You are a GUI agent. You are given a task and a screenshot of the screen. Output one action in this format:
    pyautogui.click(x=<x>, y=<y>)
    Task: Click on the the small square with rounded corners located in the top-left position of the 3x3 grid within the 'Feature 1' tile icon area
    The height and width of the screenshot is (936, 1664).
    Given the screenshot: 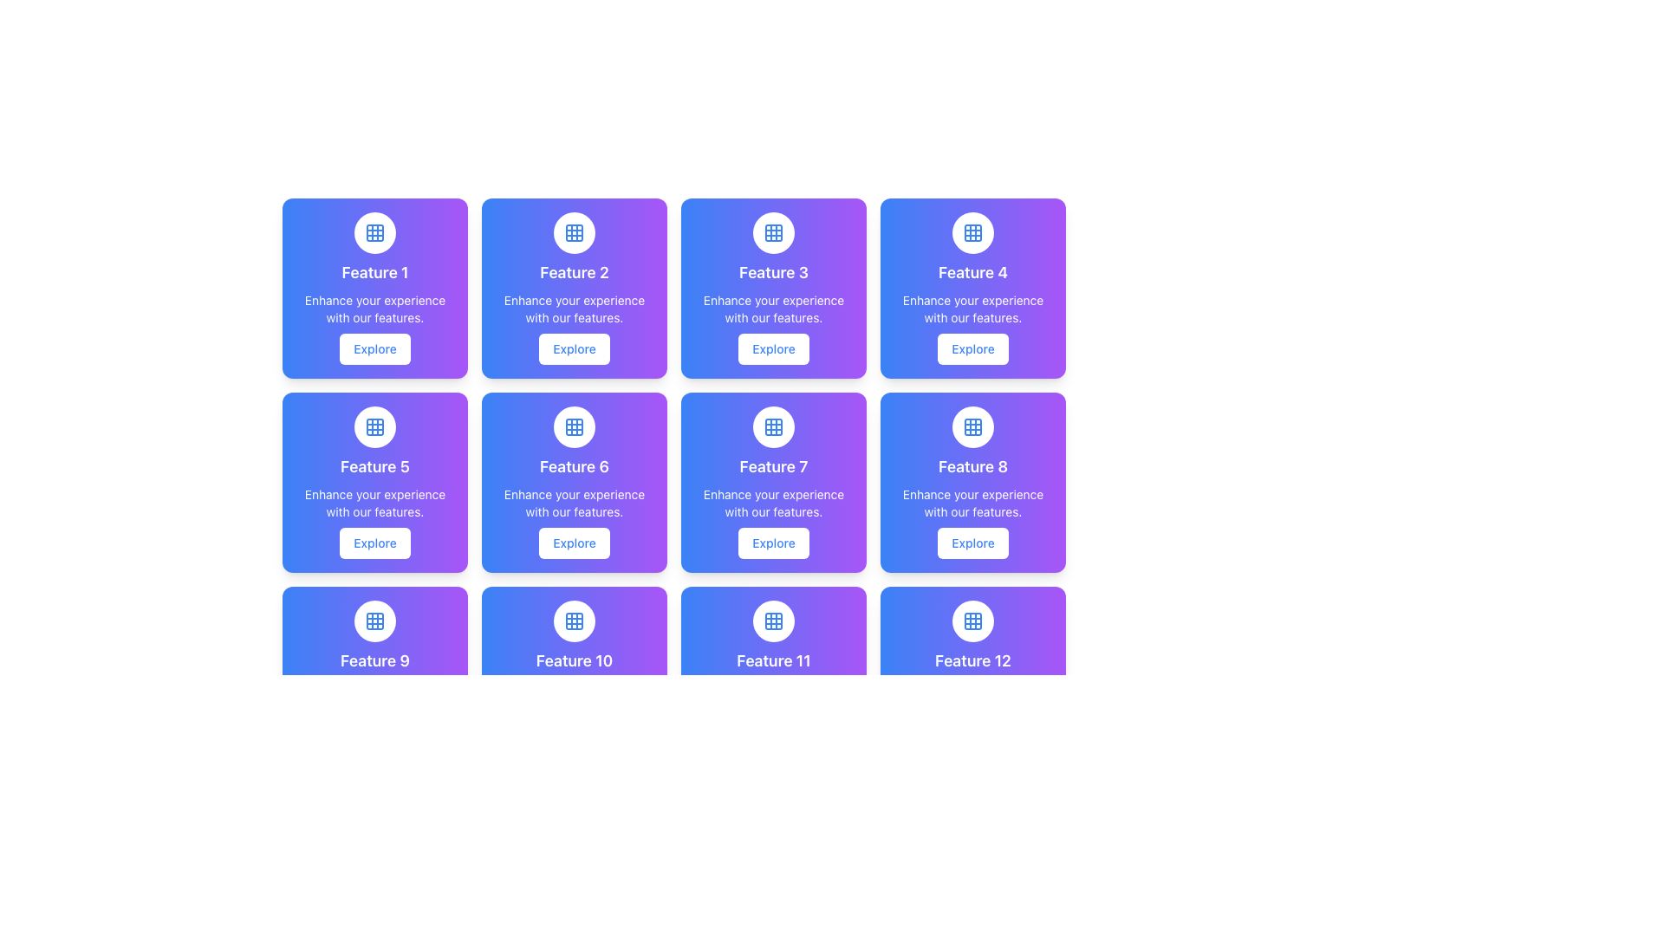 What is the action you would take?
    pyautogui.click(x=374, y=232)
    